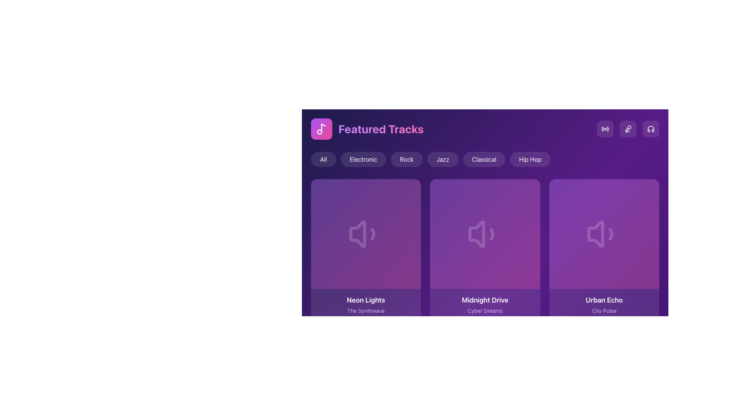  Describe the element at coordinates (443, 159) in the screenshot. I see `the fourth button in the category selector for the 'Jazz' tag` at that location.